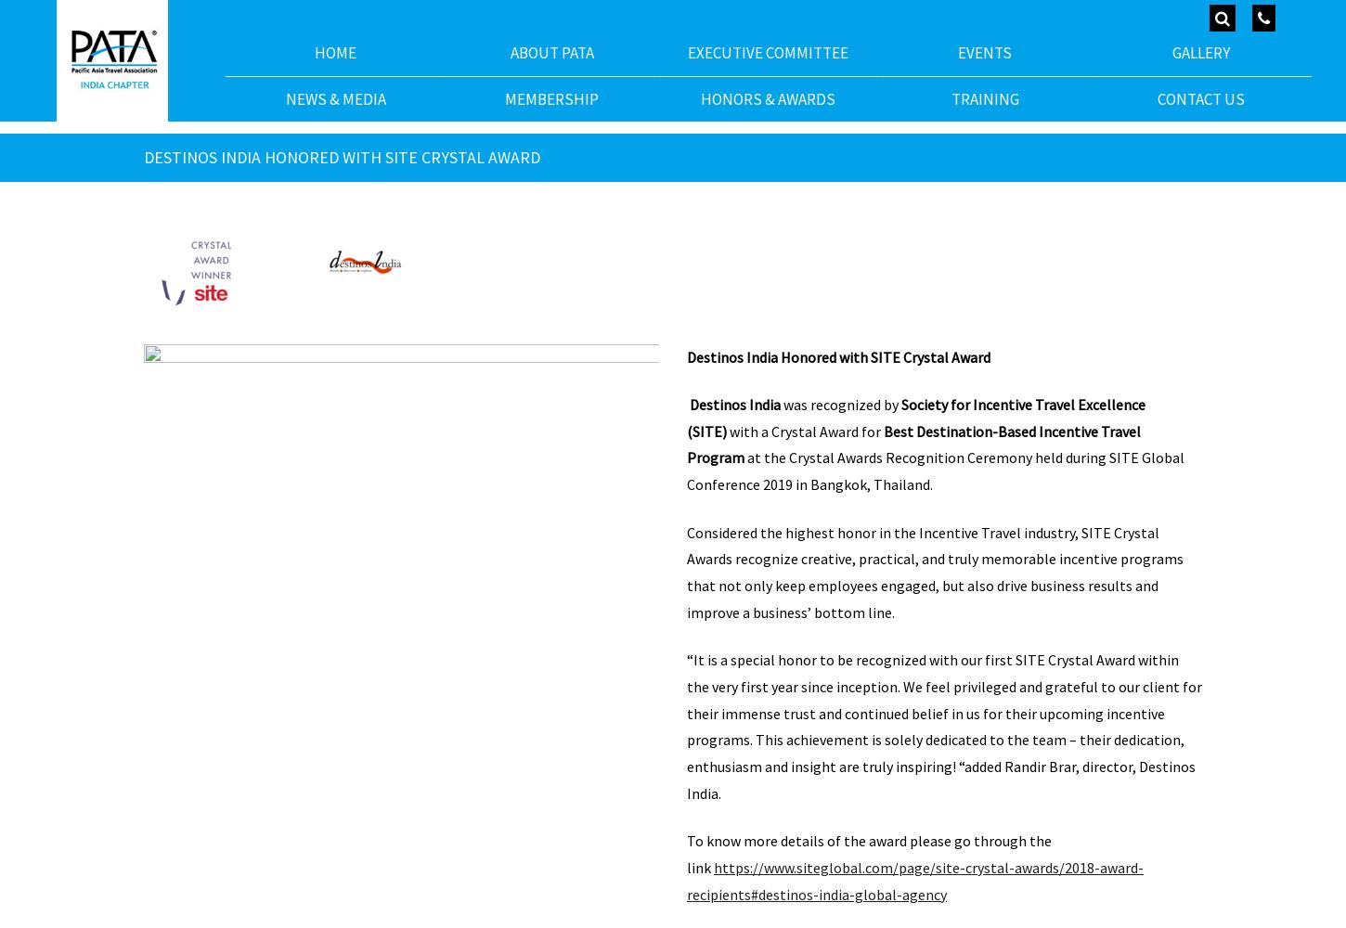  I want to click on 'was recognized by', so click(841, 405).